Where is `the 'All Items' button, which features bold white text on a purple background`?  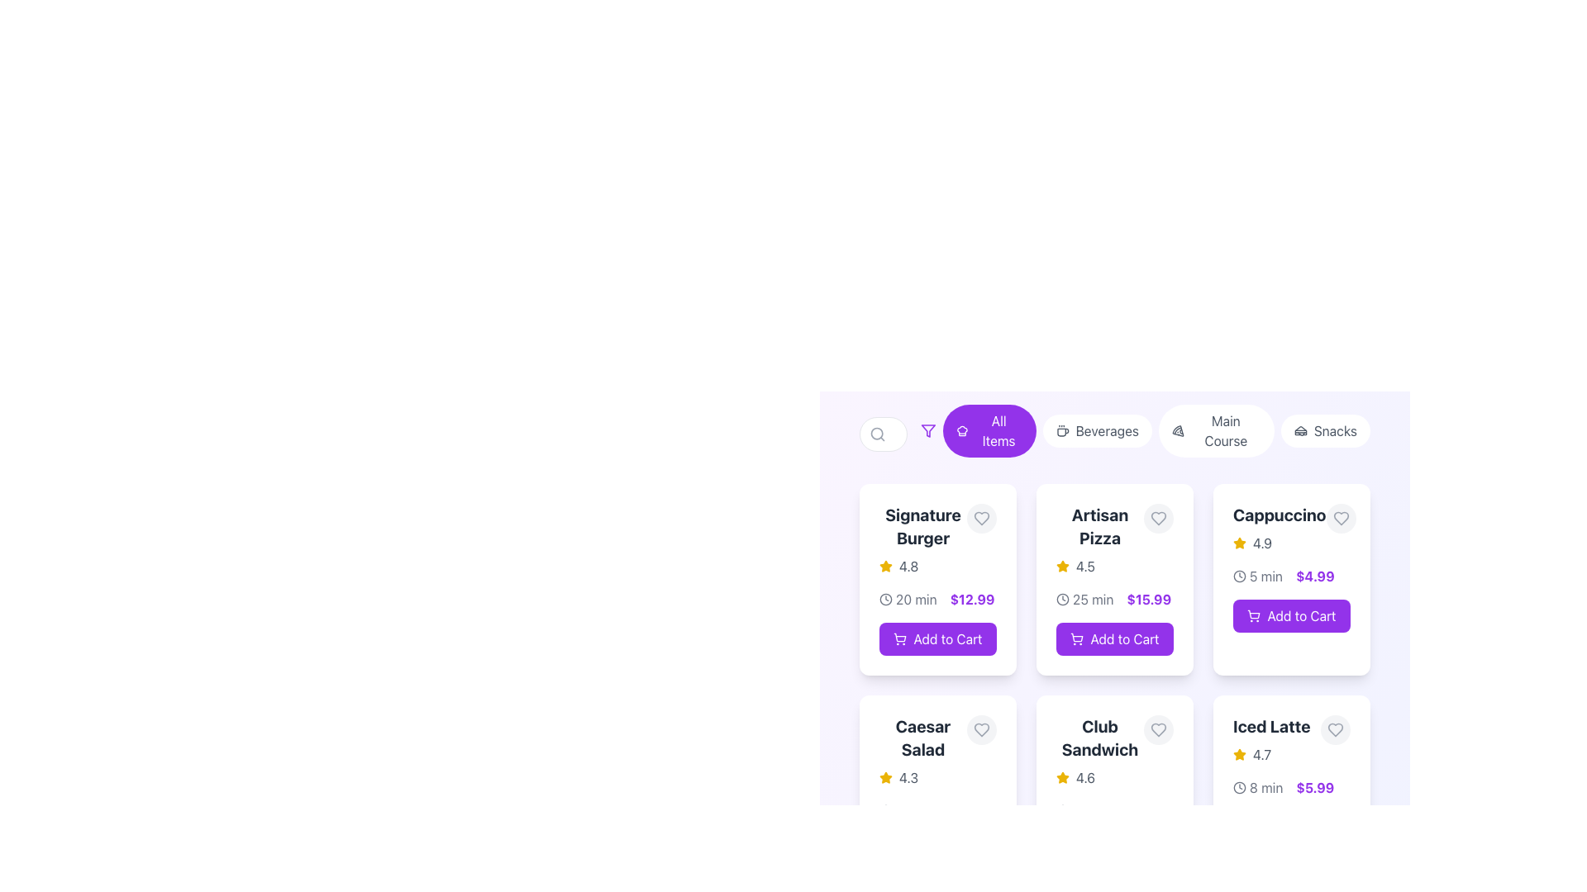 the 'All Items' button, which features bold white text on a purple background is located at coordinates (998, 429).